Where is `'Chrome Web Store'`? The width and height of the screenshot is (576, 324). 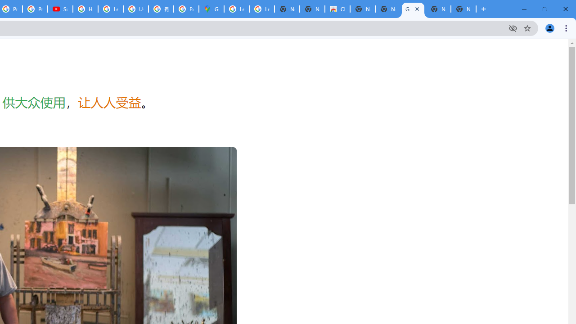 'Chrome Web Store' is located at coordinates (337, 9).